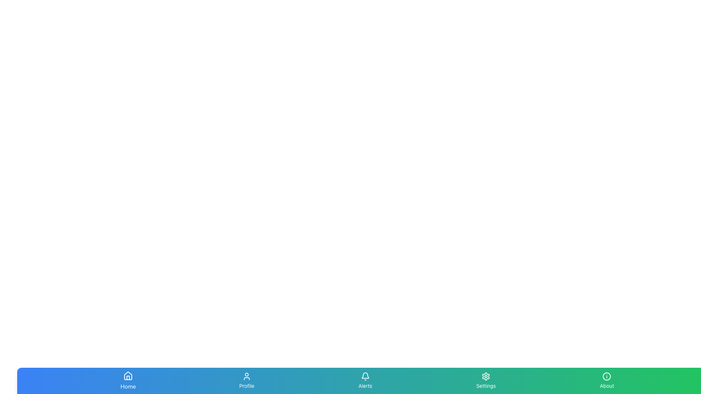 Image resolution: width=701 pixels, height=394 pixels. What do you see at coordinates (247, 381) in the screenshot?
I see `the 'Profile' button, which is styled in white text and features a user icon above the label, located in the navigation bar at the bottom of the application interface` at bounding box center [247, 381].